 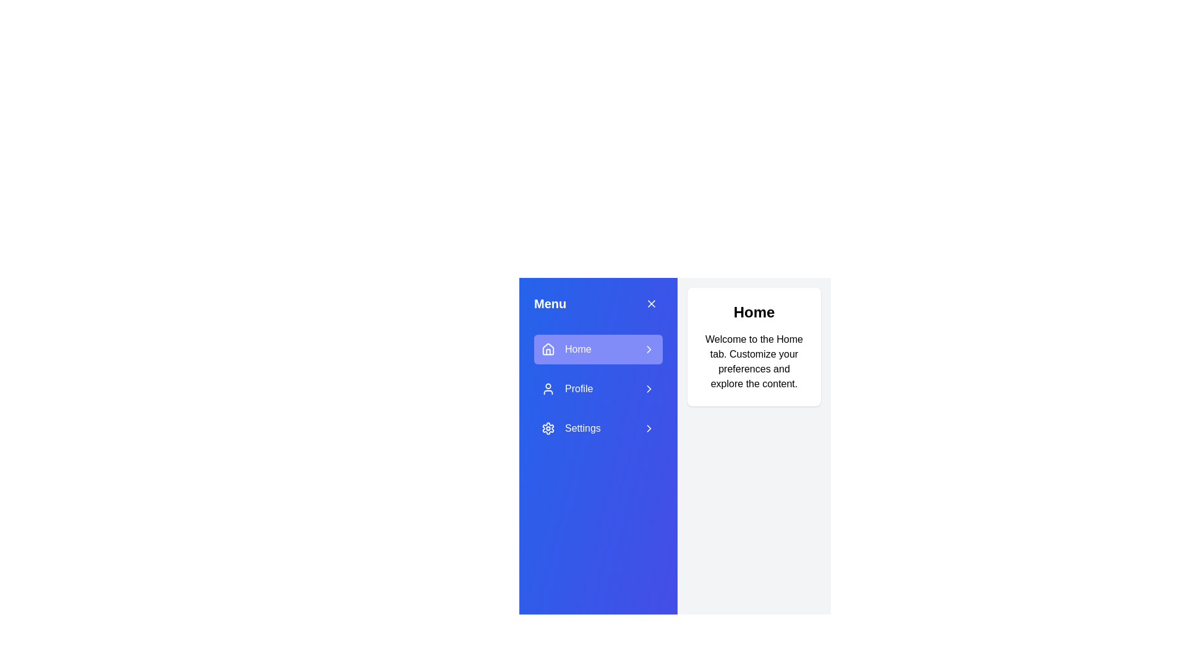 I want to click on the arrow icon indicating navigation in the 'Home' row of the left panel, so click(x=649, y=350).